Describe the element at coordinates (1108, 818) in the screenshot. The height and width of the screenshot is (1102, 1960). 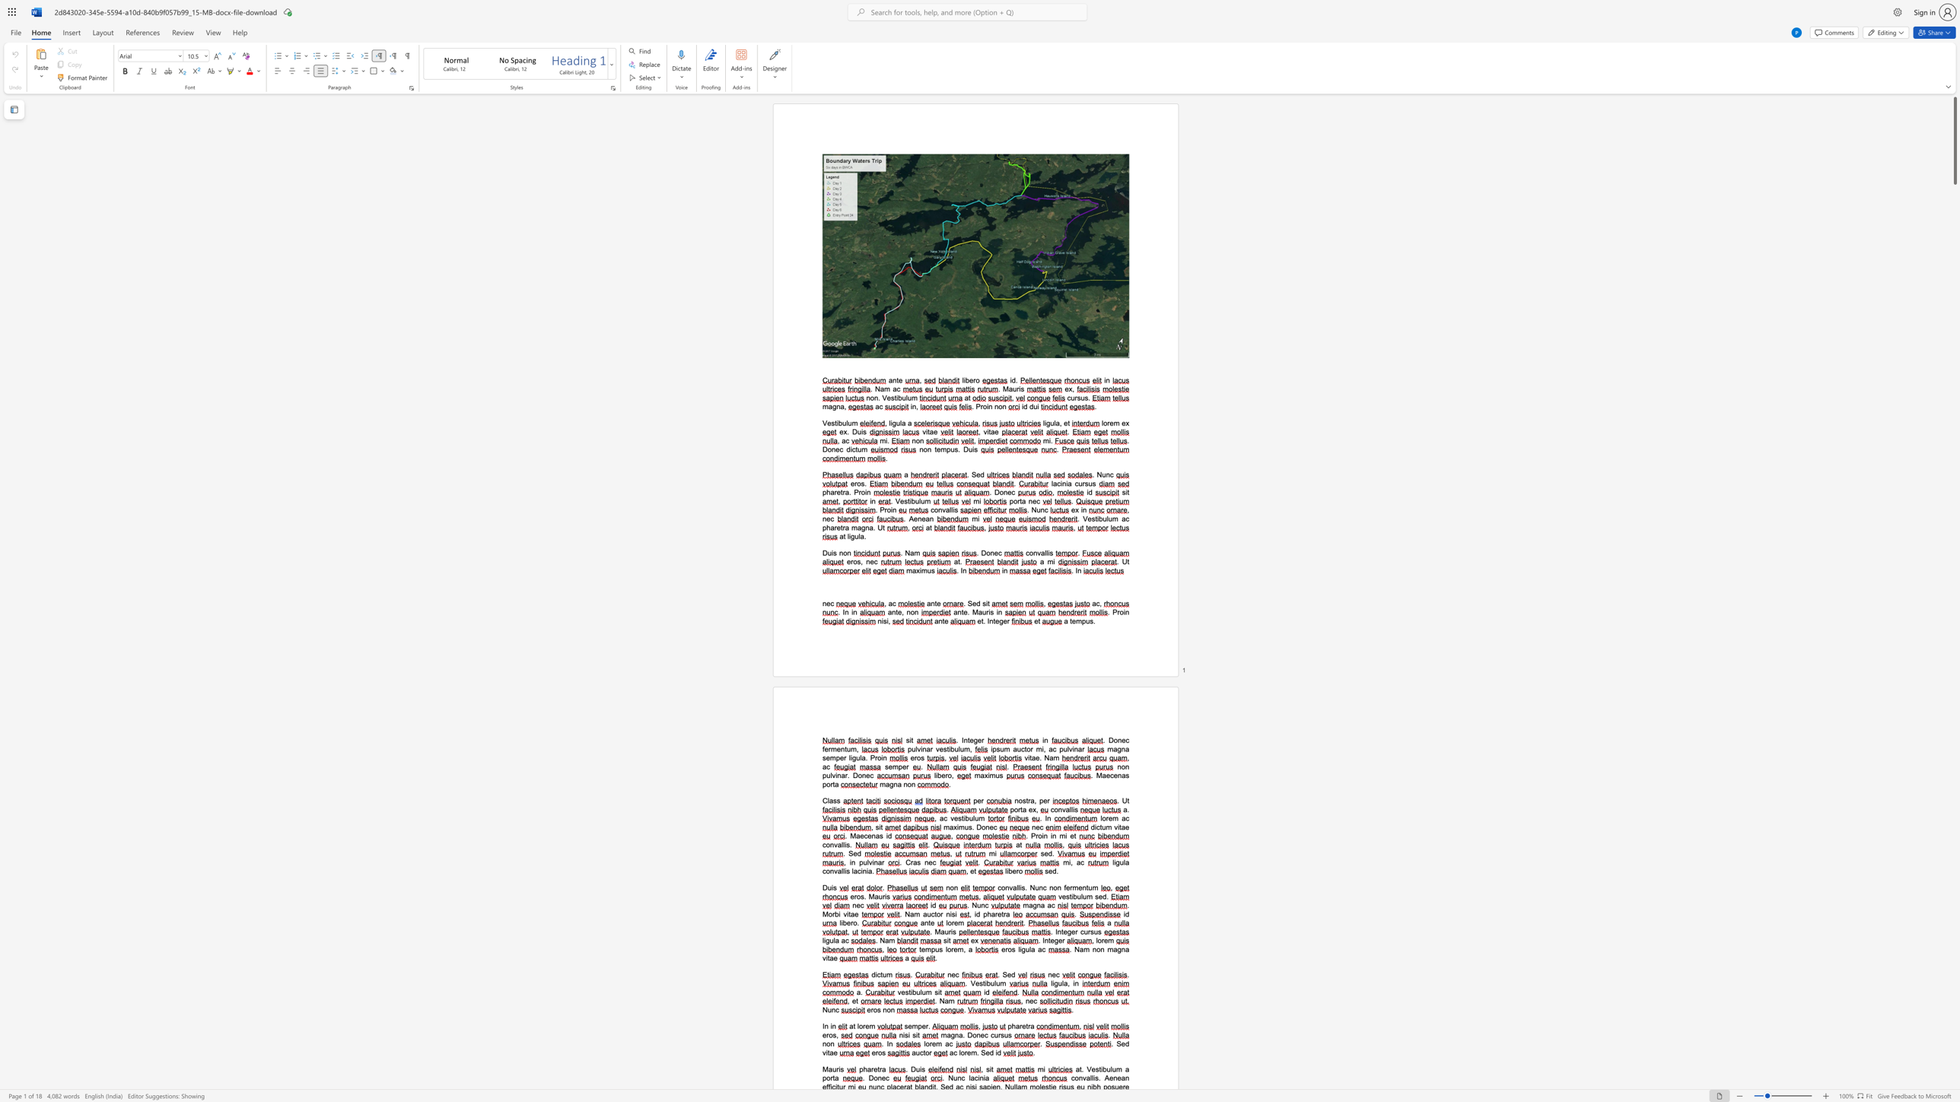
I see `the space between the continuous character "r" and "e" in the text` at that location.